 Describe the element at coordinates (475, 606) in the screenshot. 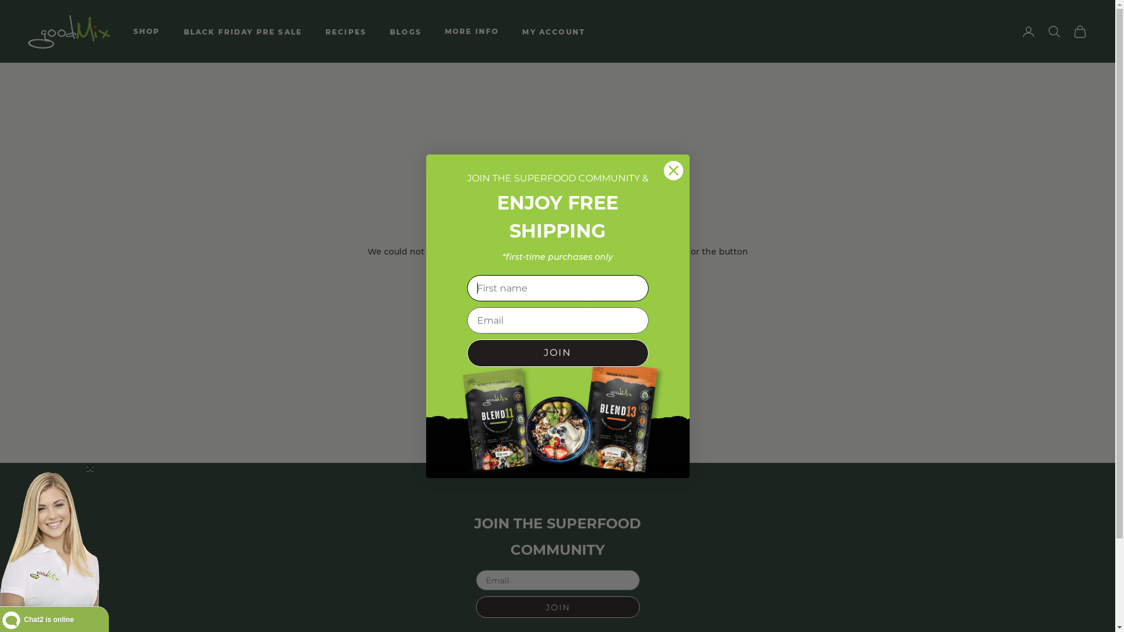

I see `'JOIN'` at that location.